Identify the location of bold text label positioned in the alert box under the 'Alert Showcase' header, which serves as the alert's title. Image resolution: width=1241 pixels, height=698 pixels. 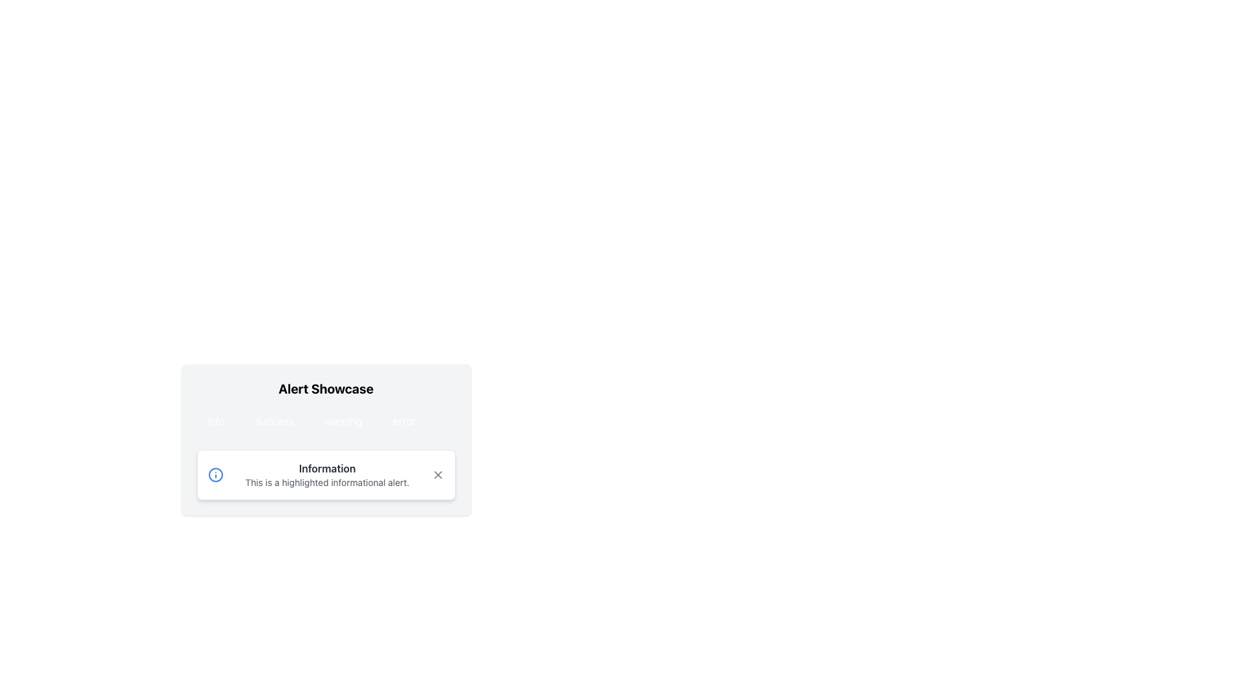
(327, 469).